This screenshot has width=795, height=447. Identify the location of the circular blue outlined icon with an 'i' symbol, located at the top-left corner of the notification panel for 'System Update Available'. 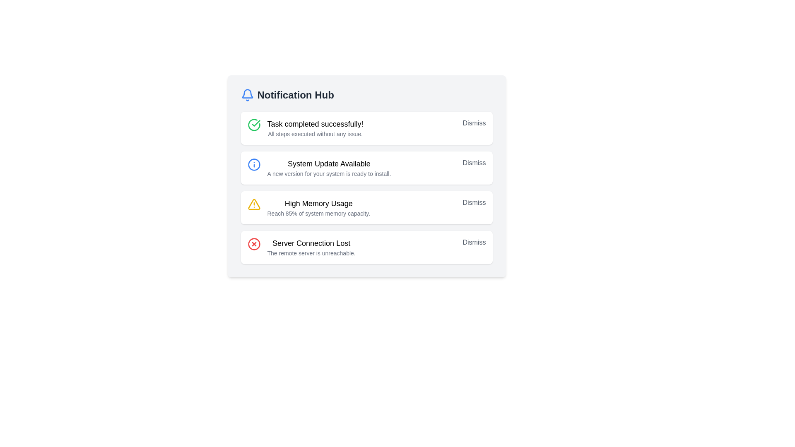
(253, 164).